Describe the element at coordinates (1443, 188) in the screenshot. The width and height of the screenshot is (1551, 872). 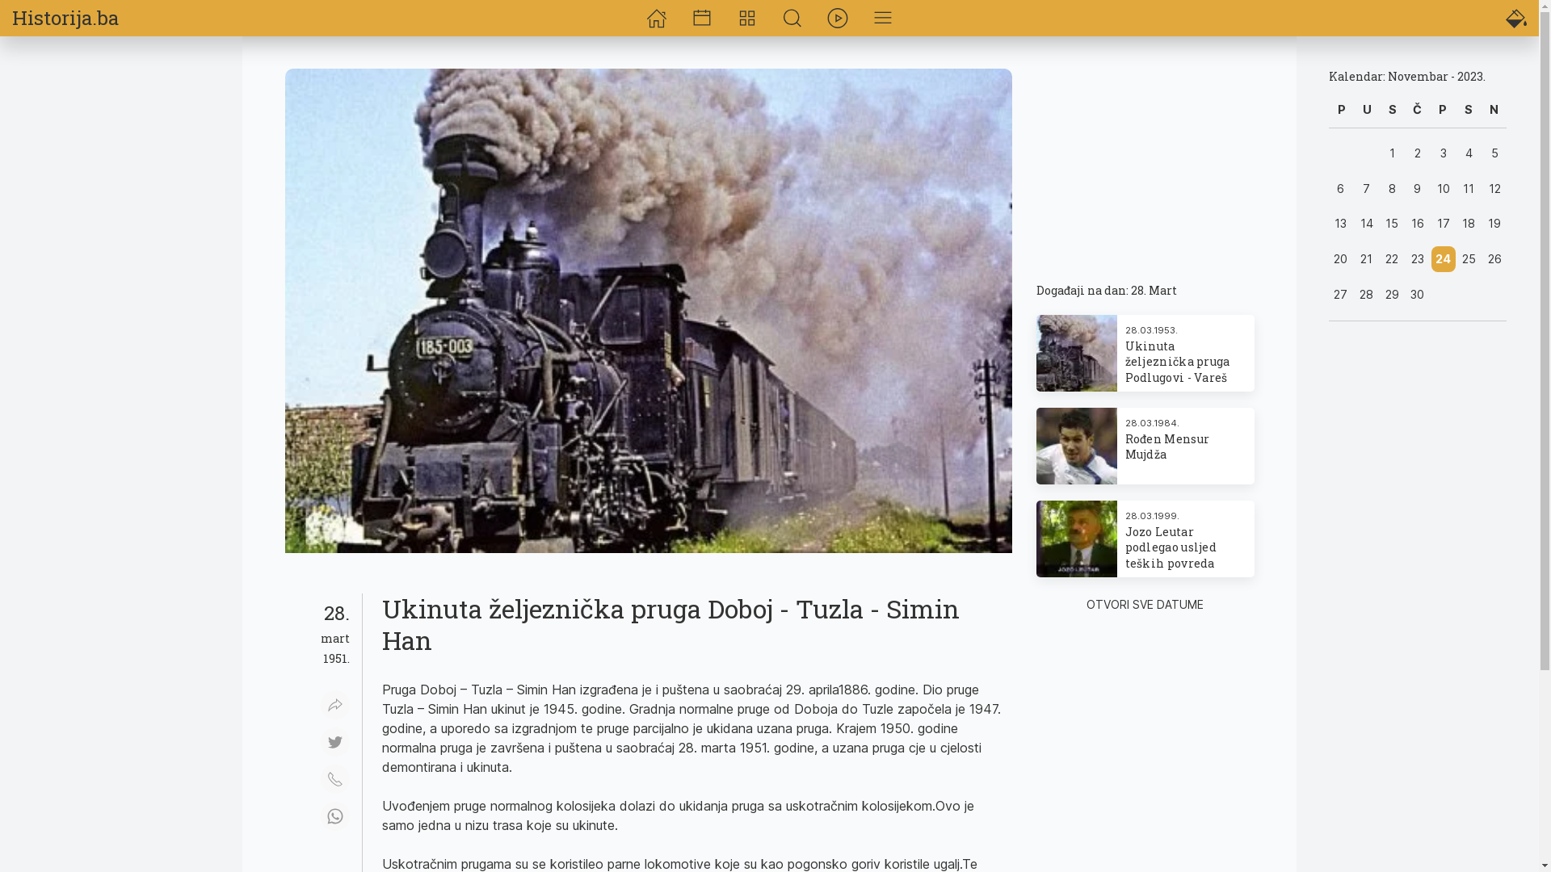
I see `'10'` at that location.